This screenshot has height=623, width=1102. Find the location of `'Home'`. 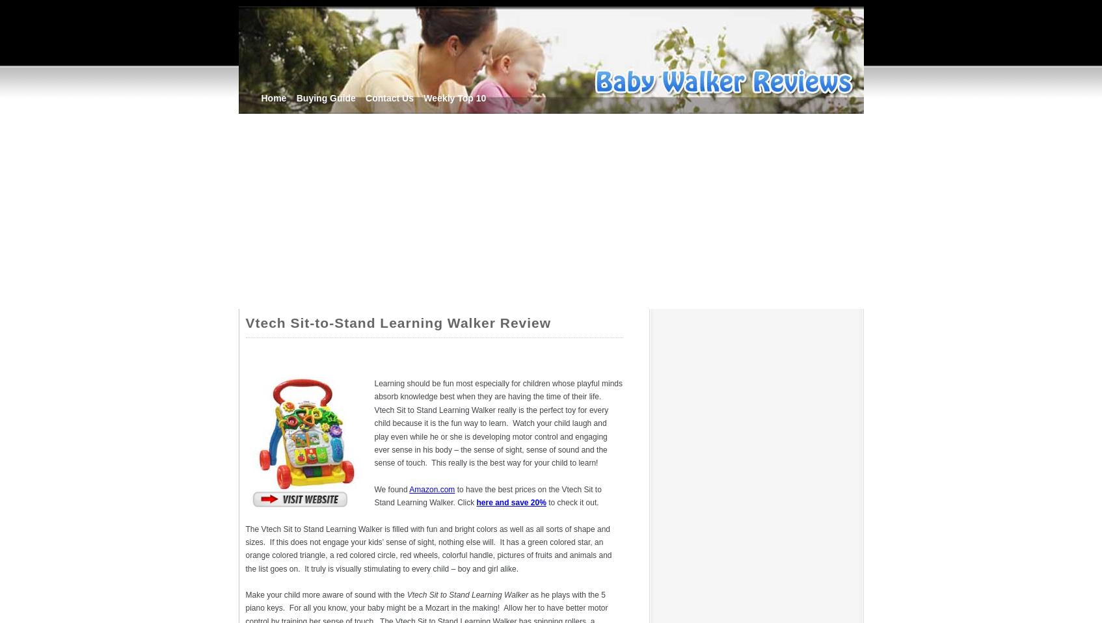

'Home' is located at coordinates (273, 98).